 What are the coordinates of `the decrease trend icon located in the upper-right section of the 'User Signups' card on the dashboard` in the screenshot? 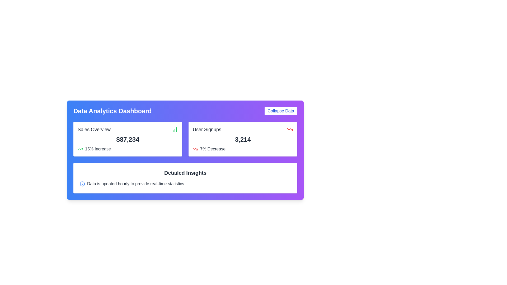 It's located at (195, 149).